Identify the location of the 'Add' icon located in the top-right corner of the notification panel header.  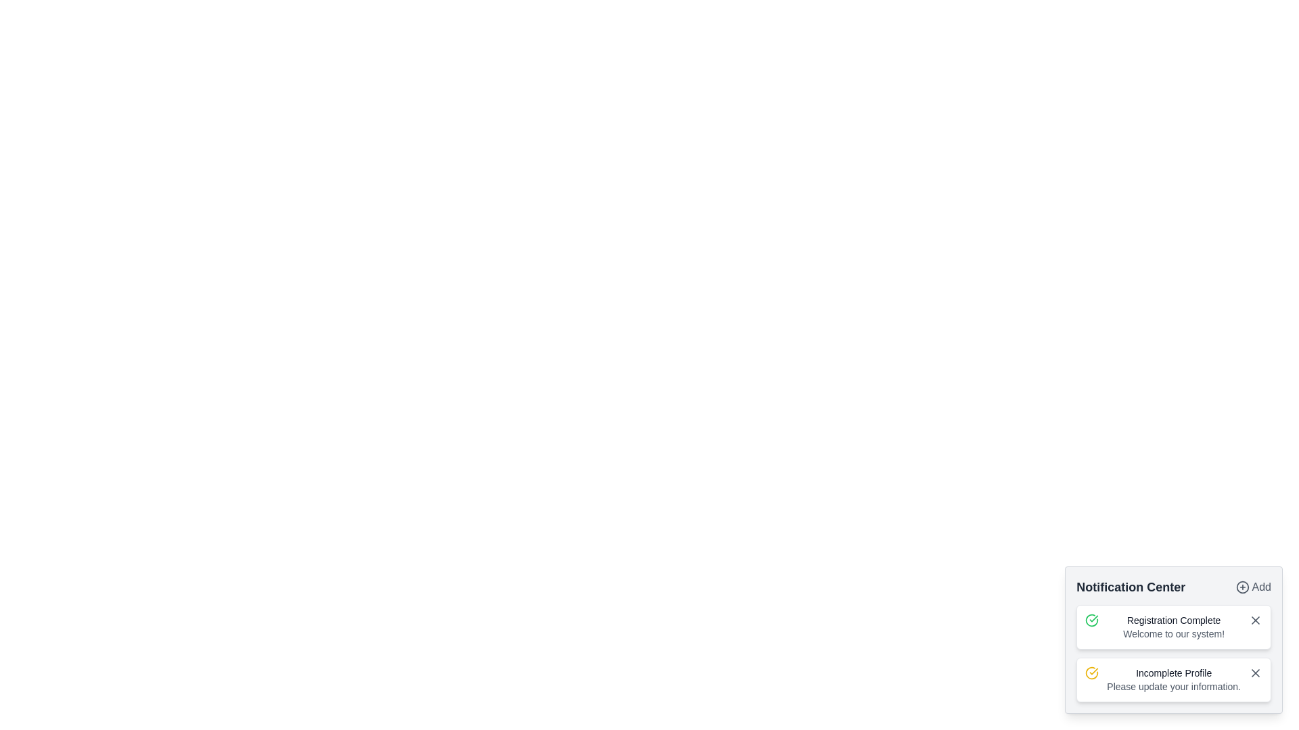
(1242, 586).